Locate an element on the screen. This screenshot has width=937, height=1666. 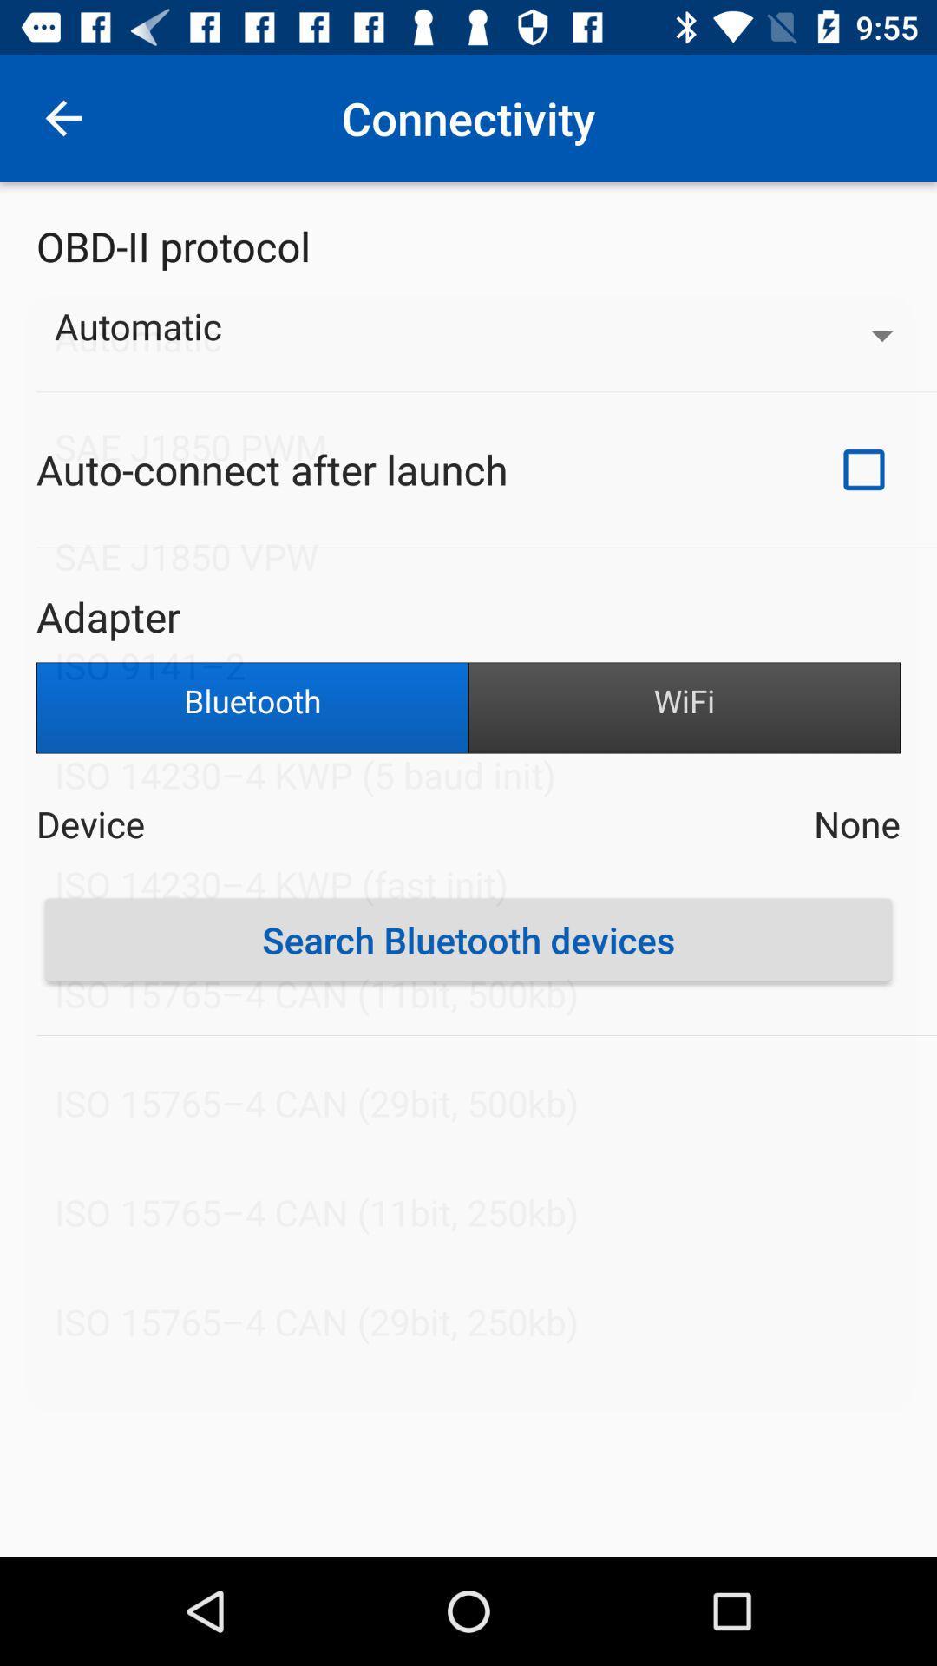
icon below the adapter is located at coordinates (684, 708).